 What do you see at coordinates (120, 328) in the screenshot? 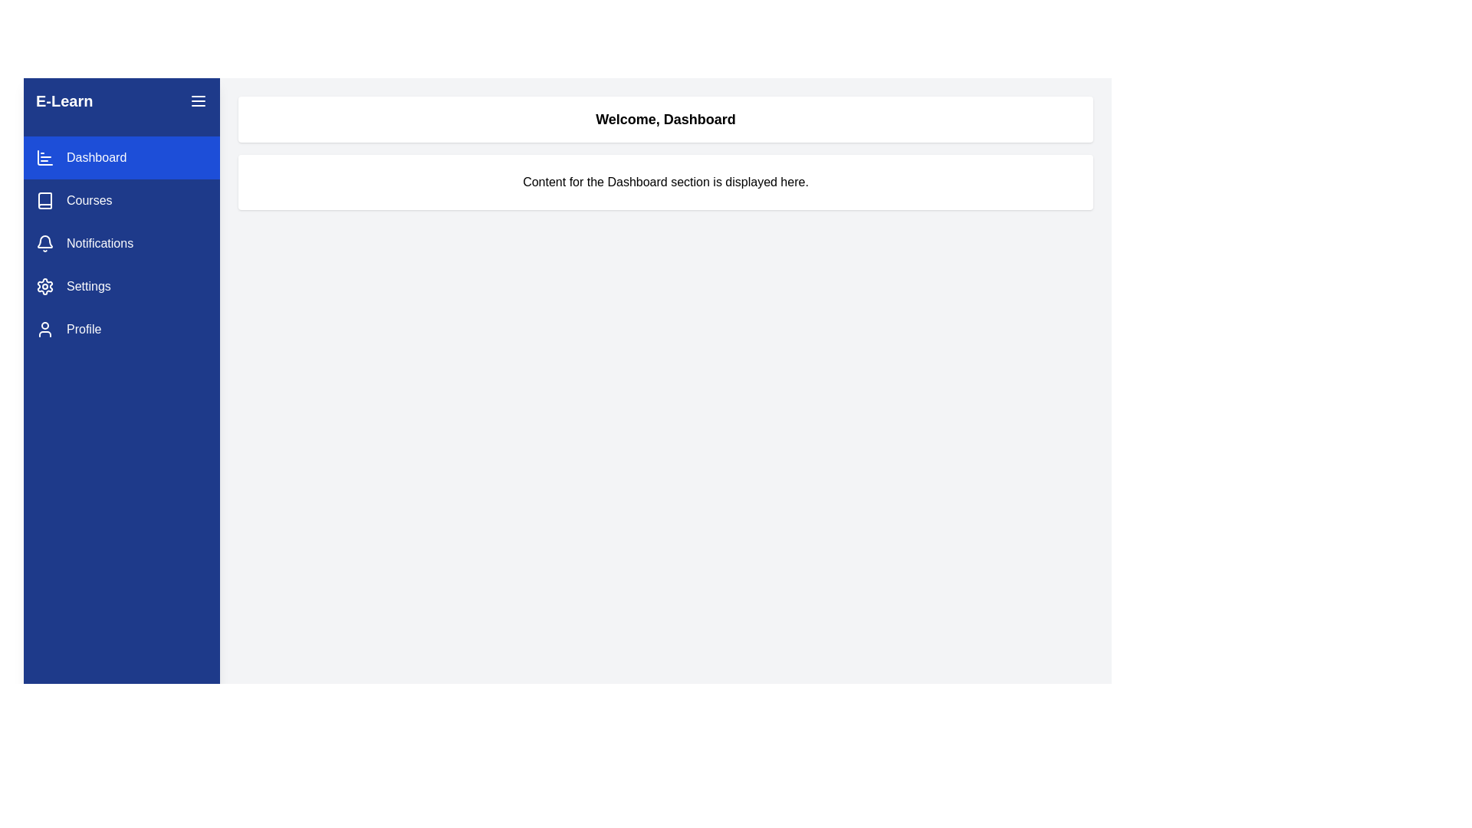
I see `the fifth button in the left-side vertical navigation menu, located below the 'Settings' button` at bounding box center [120, 328].